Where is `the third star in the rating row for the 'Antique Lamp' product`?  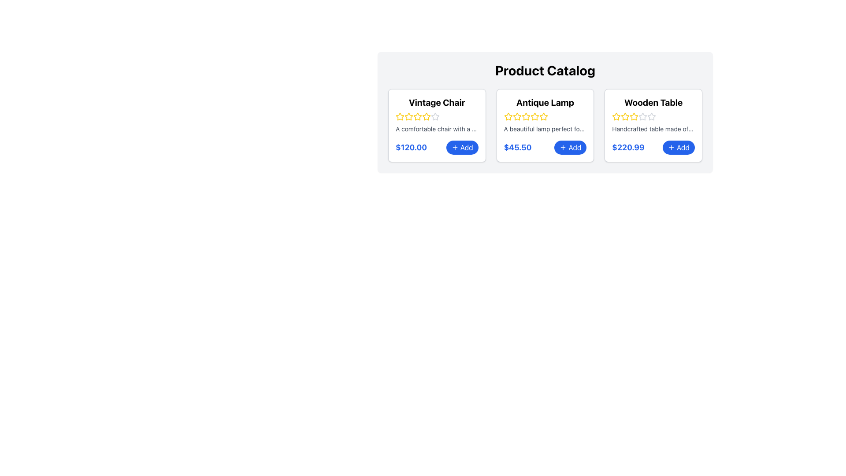 the third star in the rating row for the 'Antique Lamp' product is located at coordinates (543, 116).